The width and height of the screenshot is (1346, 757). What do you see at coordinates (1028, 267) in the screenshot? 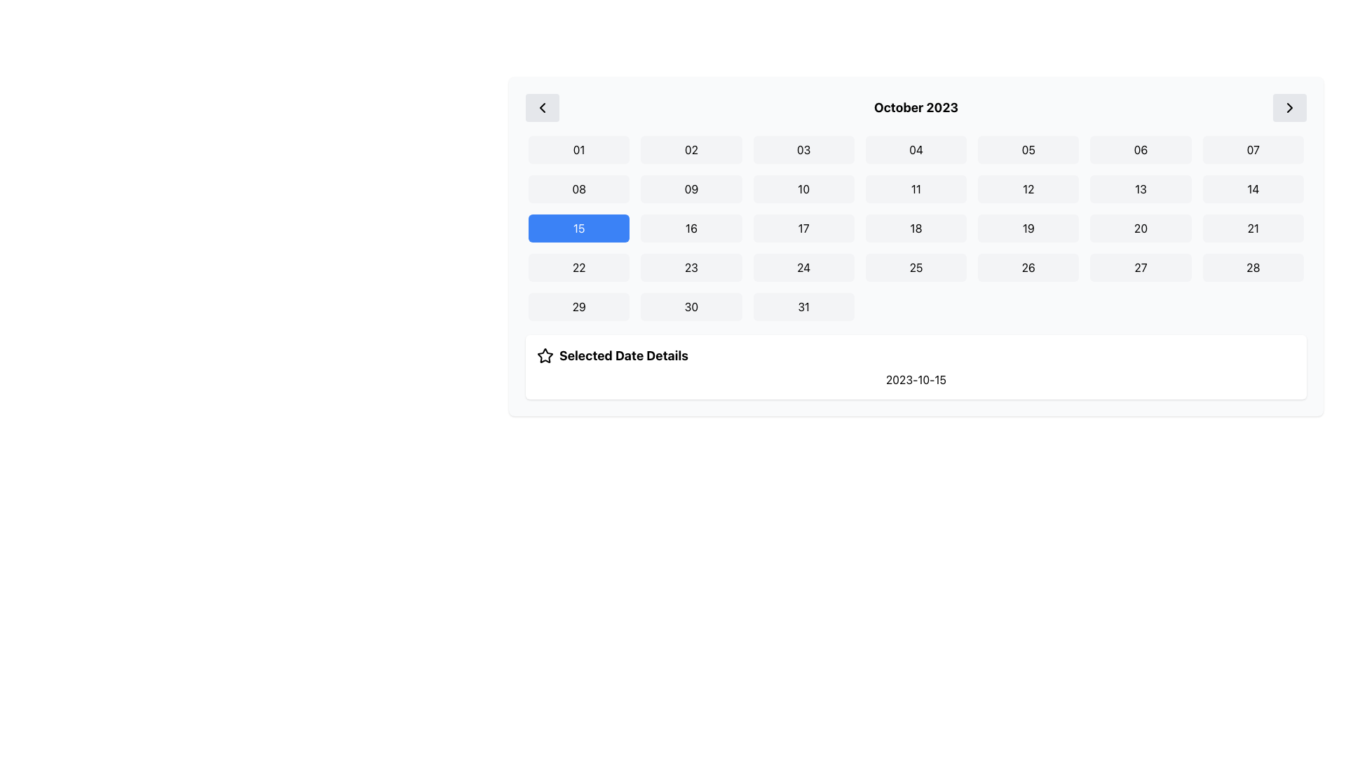
I see `the selectable day button for October 26th in the calendar interface` at bounding box center [1028, 267].